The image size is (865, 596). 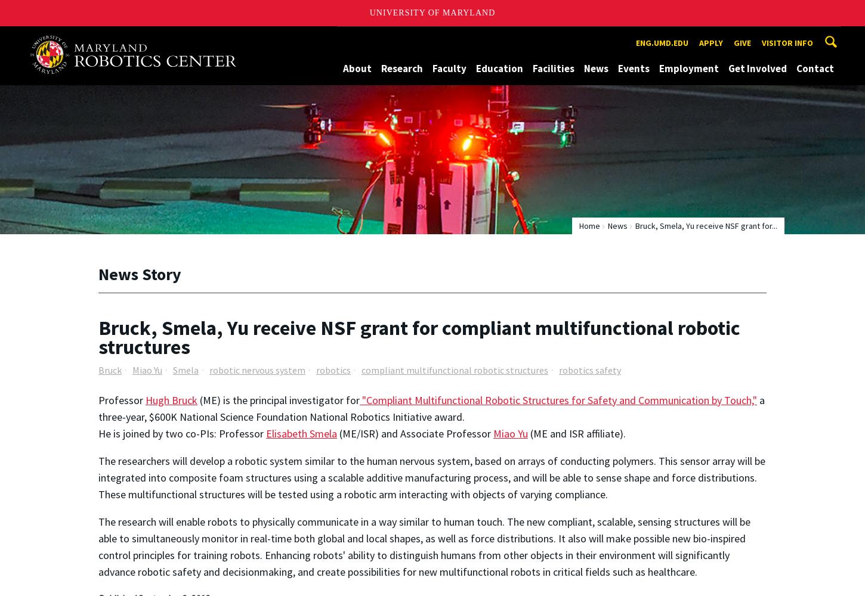 What do you see at coordinates (343, 67) in the screenshot?
I see `'About'` at bounding box center [343, 67].